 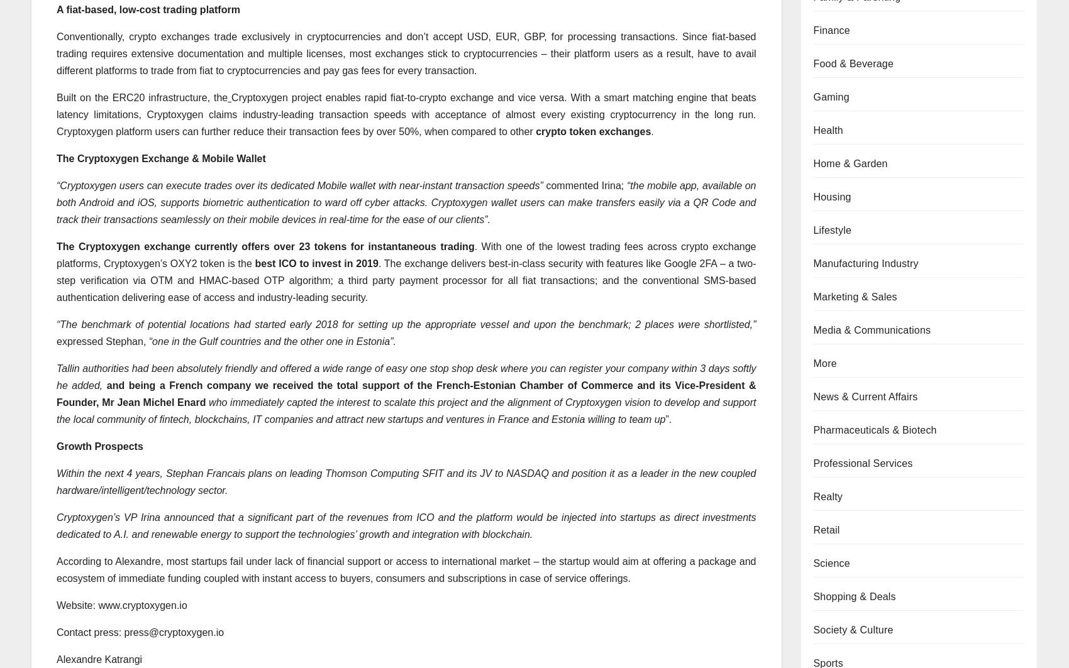 What do you see at coordinates (141, 97) in the screenshot?
I see `'Built on the ERC20 infrastructure, the'` at bounding box center [141, 97].